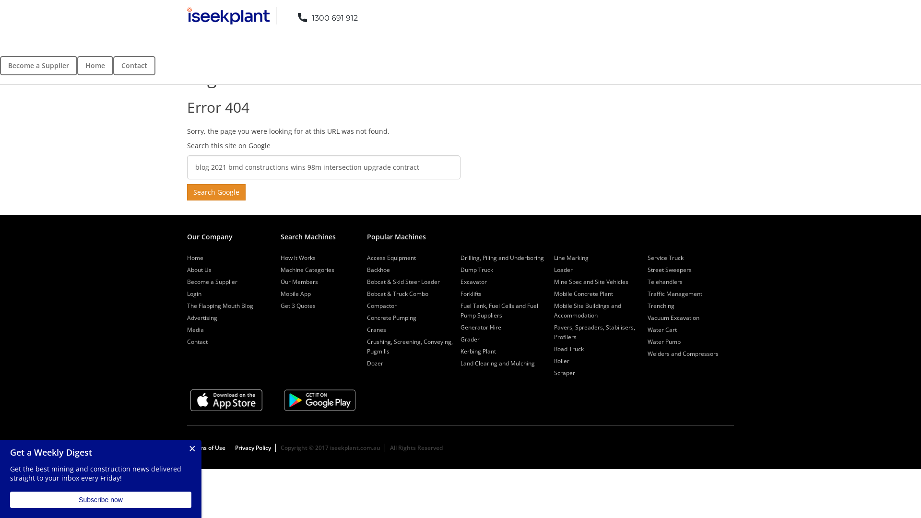 The width and height of the screenshot is (921, 518). Describe the element at coordinates (381, 306) in the screenshot. I see `'Compactor'` at that location.